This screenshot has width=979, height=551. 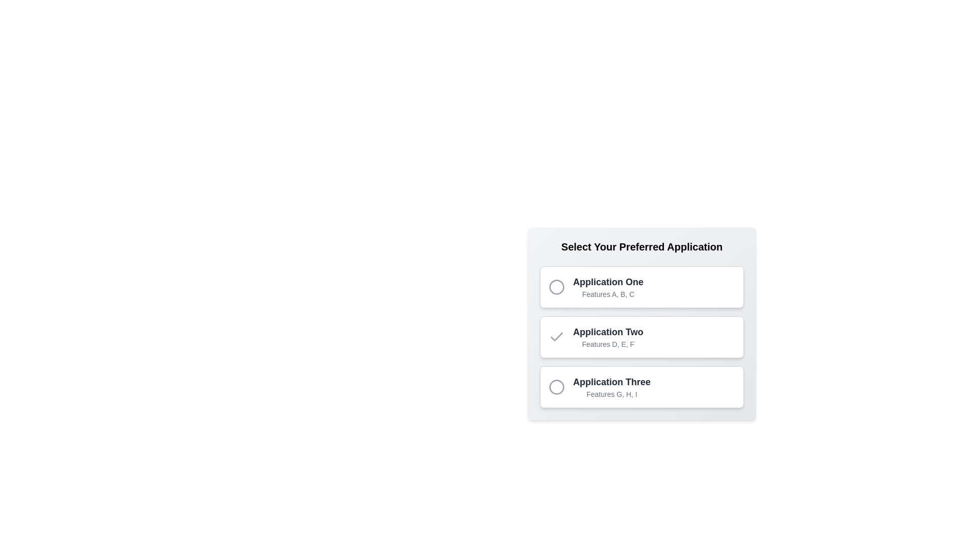 What do you see at coordinates (608, 287) in the screenshot?
I see `the text label for the first selectable application option located below the title 'Select Your Preferred Application' to observe any tooltips or interactions` at bounding box center [608, 287].